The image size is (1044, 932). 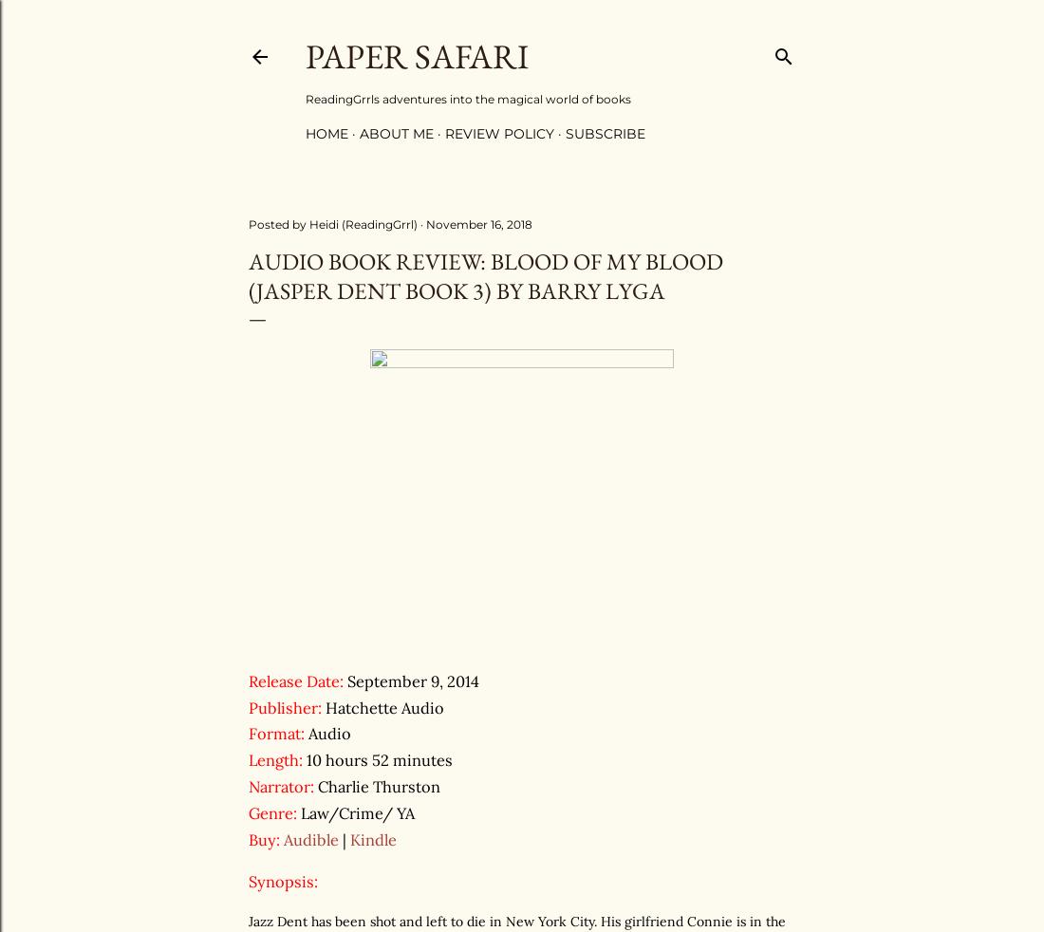 What do you see at coordinates (310, 838) in the screenshot?
I see `'Audible'` at bounding box center [310, 838].